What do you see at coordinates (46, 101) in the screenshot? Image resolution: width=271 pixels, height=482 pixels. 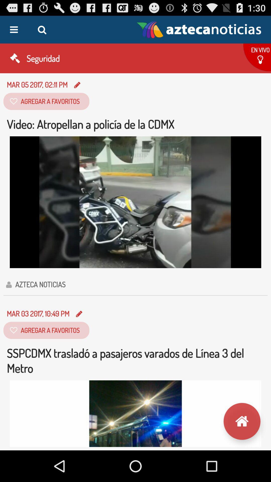 I see `the button below mar 05 20170211 pm` at bounding box center [46, 101].